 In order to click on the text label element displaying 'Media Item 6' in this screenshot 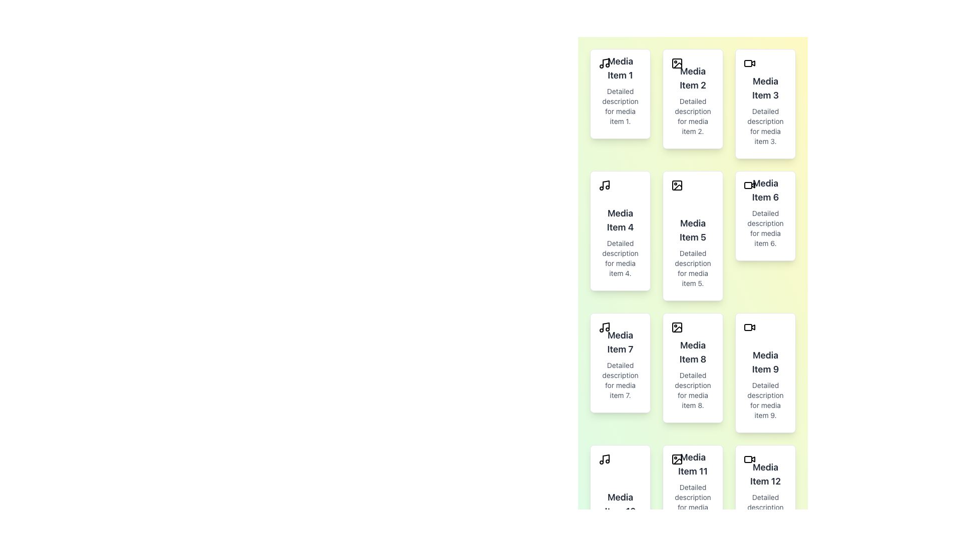, I will do `click(765, 190)`.